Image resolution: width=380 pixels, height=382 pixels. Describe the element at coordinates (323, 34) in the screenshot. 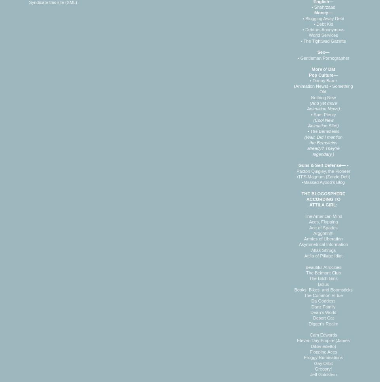

I see `'World Services'` at that location.